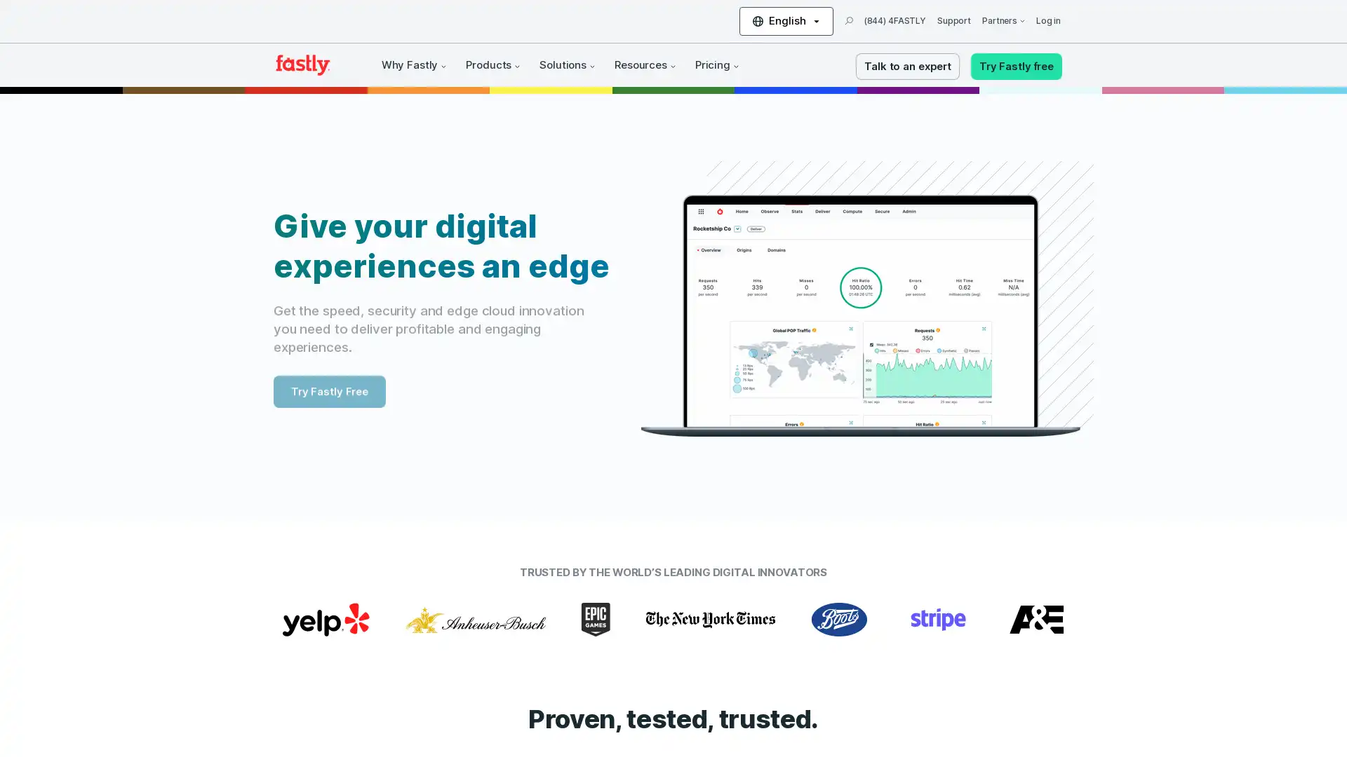 This screenshot has height=757, width=1347. I want to click on Yes, so click(142, 667).